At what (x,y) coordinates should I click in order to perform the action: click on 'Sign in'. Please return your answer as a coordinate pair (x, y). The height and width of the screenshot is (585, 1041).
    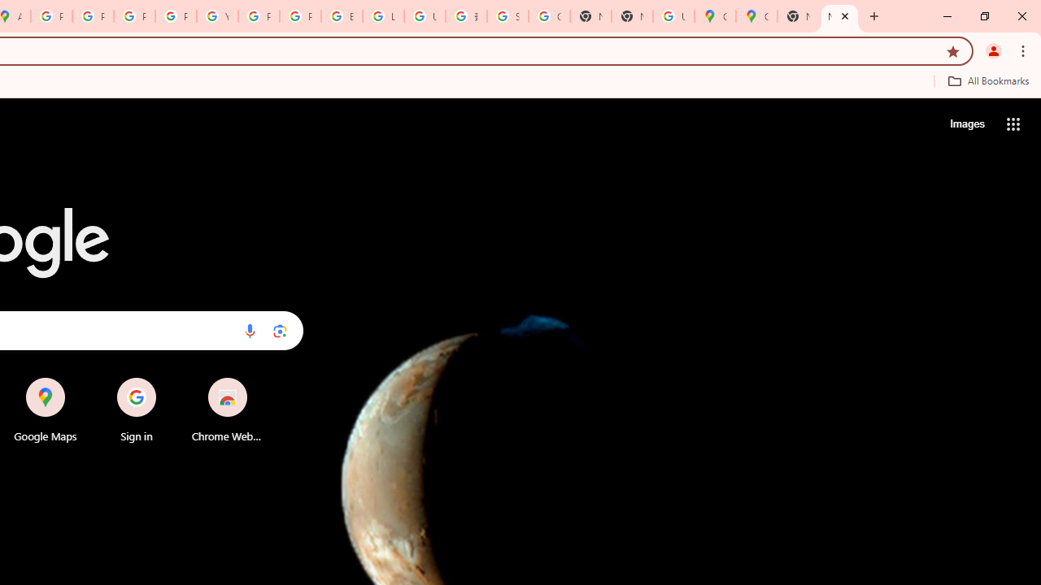
    Looking at the image, I should click on (137, 409).